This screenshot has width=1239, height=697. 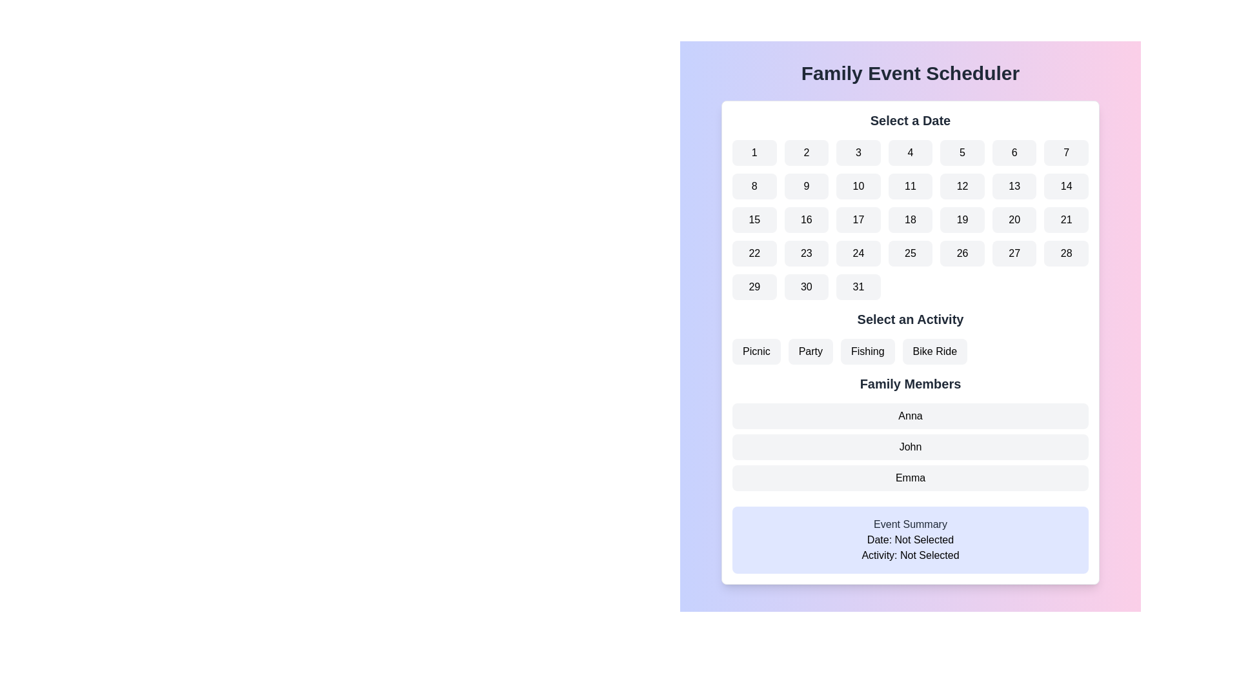 What do you see at coordinates (805, 286) in the screenshot?
I see `the 30th day button in the calendar layout` at bounding box center [805, 286].